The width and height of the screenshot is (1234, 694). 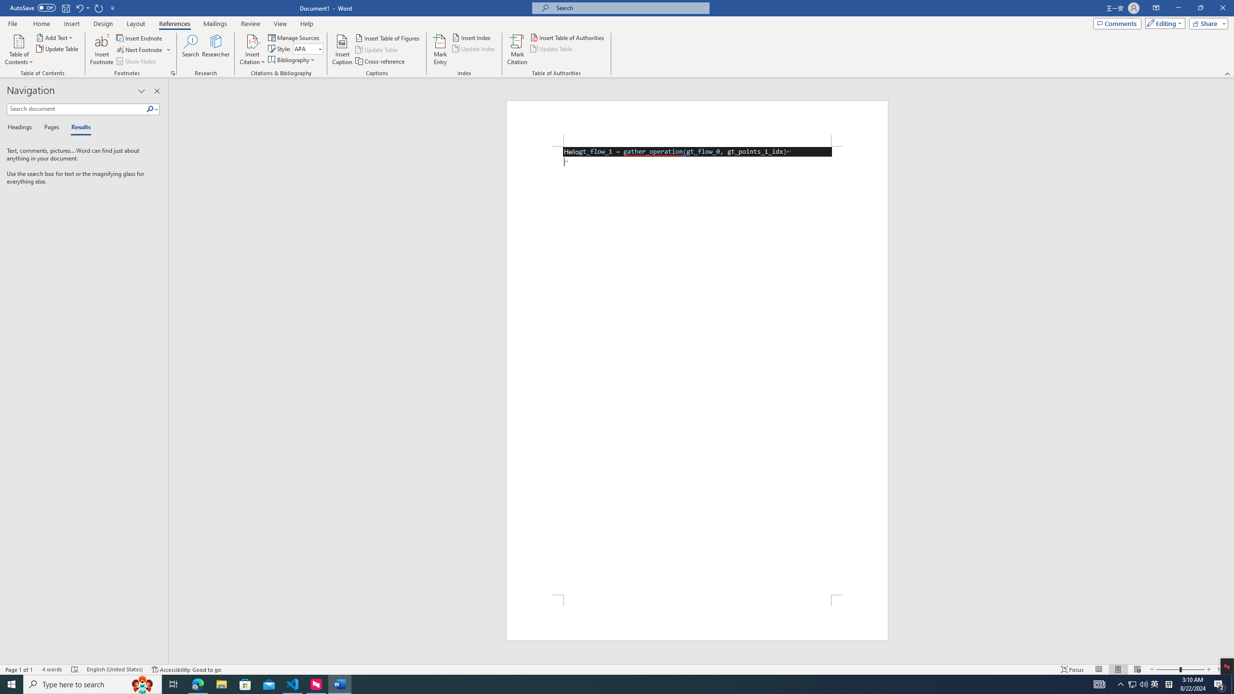 I want to click on 'Style', so click(x=308, y=48).